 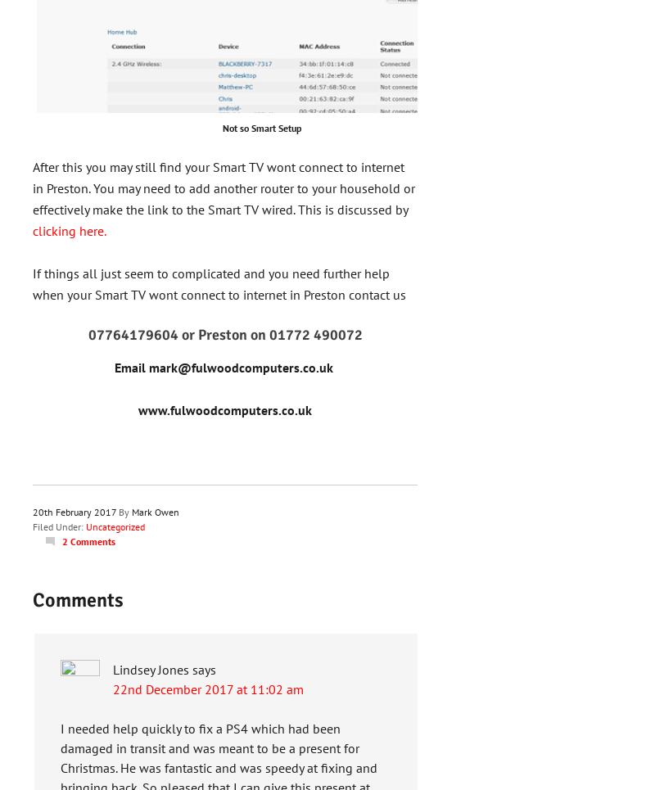 What do you see at coordinates (203, 669) in the screenshot?
I see `'says'` at bounding box center [203, 669].